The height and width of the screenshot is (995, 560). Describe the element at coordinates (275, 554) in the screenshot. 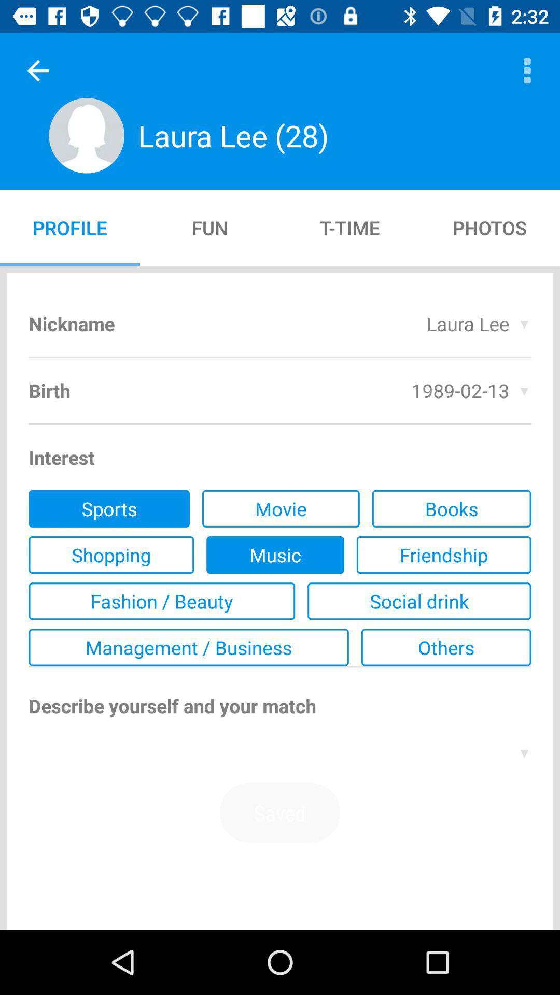

I see `item next to friendship icon` at that location.